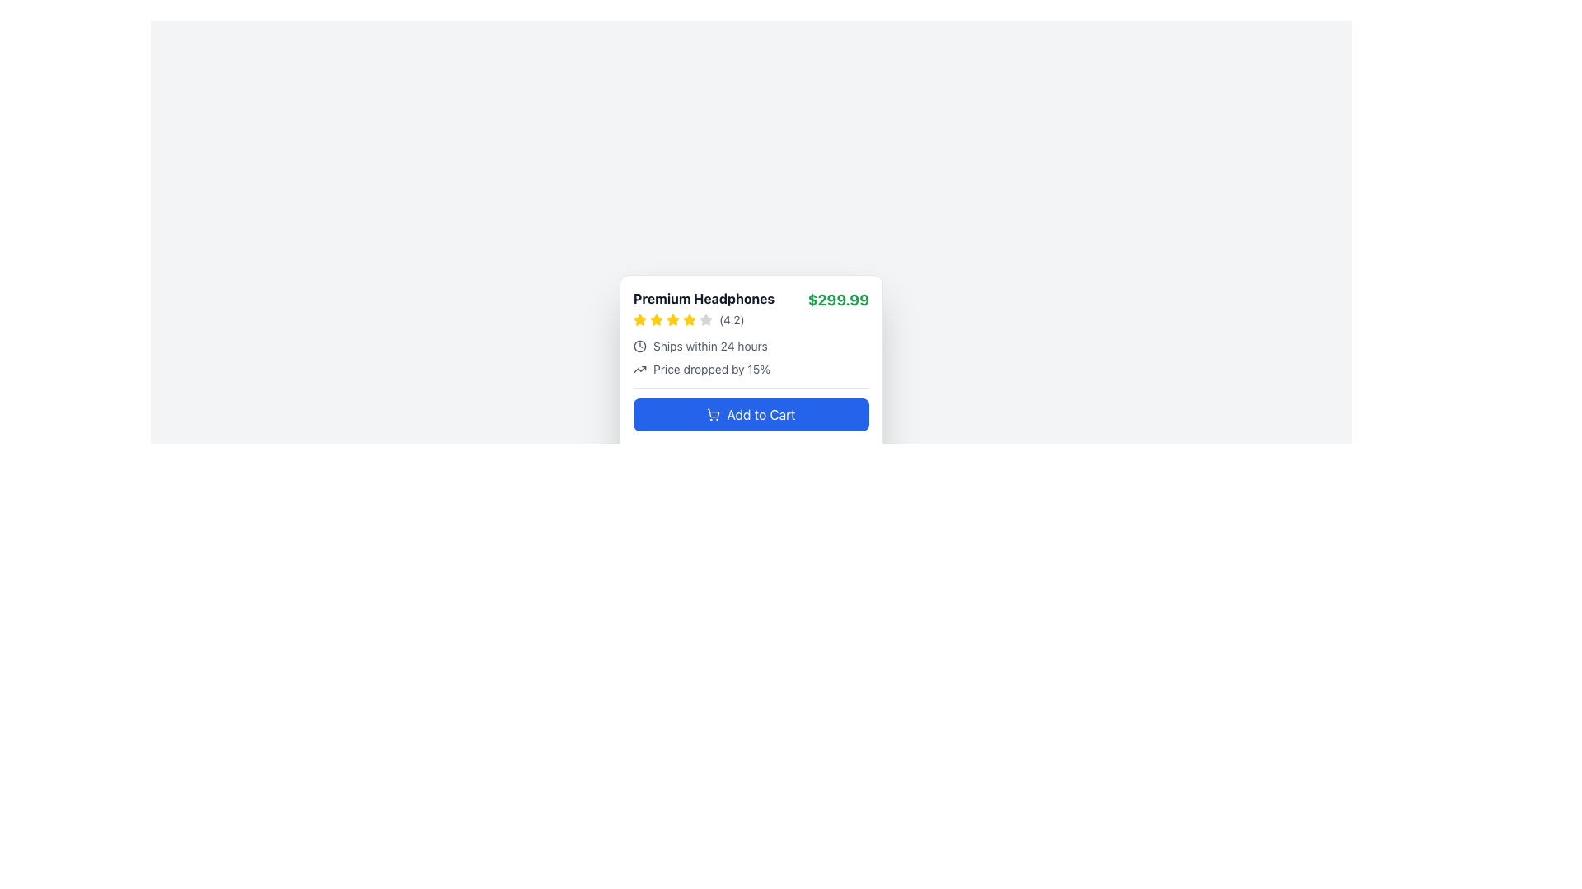  I want to click on textual label displaying 'Price dropped by 15%' located to the right of the line chart icon in the 'Premium Headphones' product details card, so click(712, 368).